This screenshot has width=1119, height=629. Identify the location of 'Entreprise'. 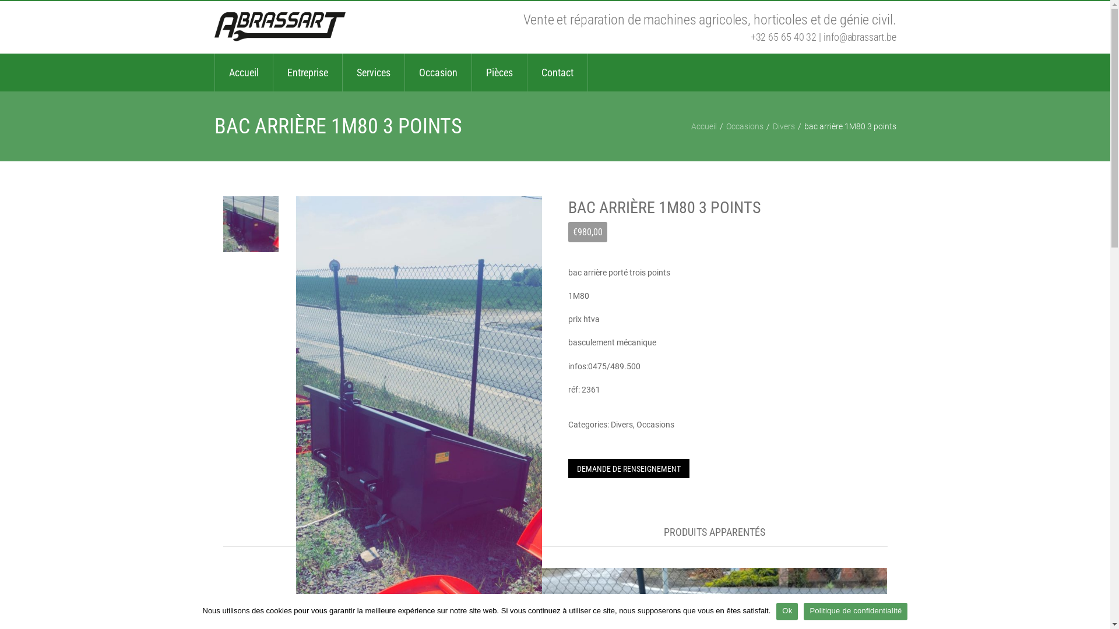
(272, 72).